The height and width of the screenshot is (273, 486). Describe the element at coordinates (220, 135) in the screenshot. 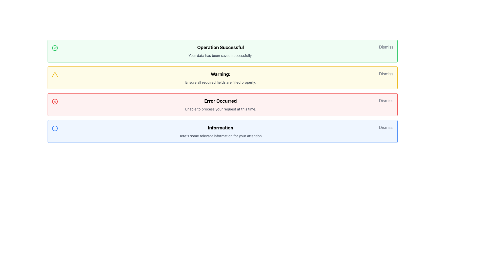

I see `the text element that provides additional details in the 'Information' notification panel, located within a blue rectangle below the bold title 'Information'` at that location.